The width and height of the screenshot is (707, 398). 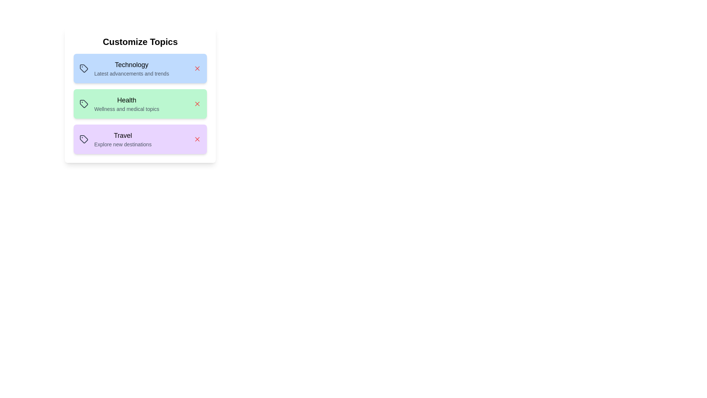 What do you see at coordinates (140, 95) in the screenshot?
I see `the center of the TopicSelector component to bring it into focus` at bounding box center [140, 95].